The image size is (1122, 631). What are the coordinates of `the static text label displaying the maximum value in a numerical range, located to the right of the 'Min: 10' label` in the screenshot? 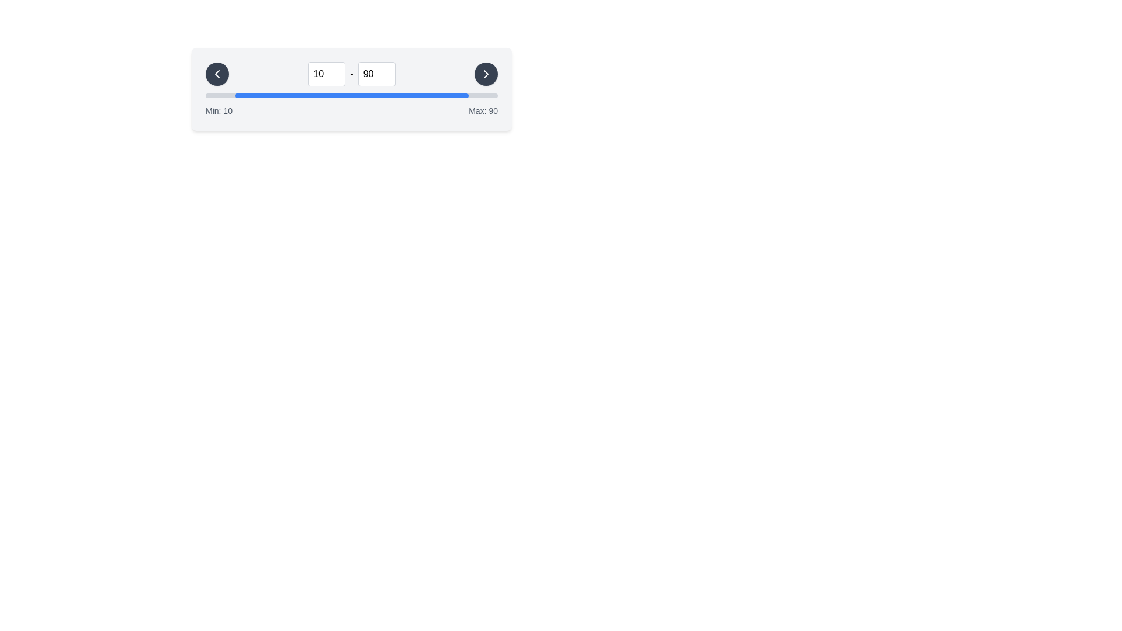 It's located at (483, 110).